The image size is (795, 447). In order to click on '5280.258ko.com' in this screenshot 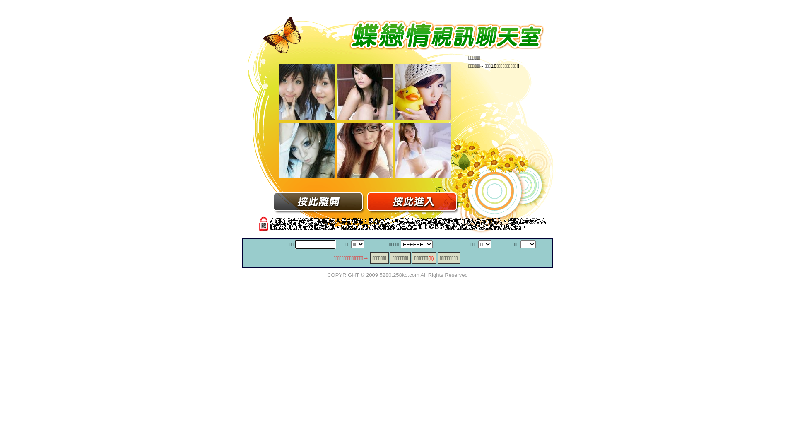, I will do `click(379, 274)`.